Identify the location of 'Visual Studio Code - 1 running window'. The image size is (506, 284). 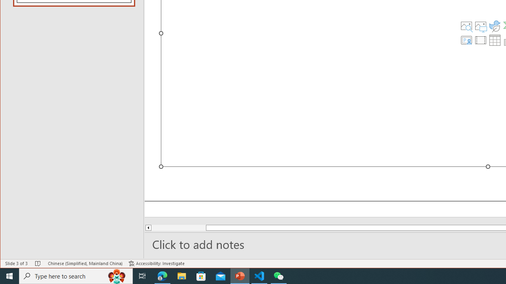
(259, 275).